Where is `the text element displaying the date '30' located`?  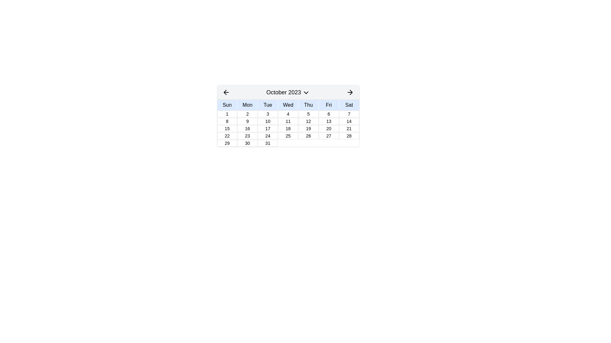
the text element displaying the date '30' located is located at coordinates (247, 143).